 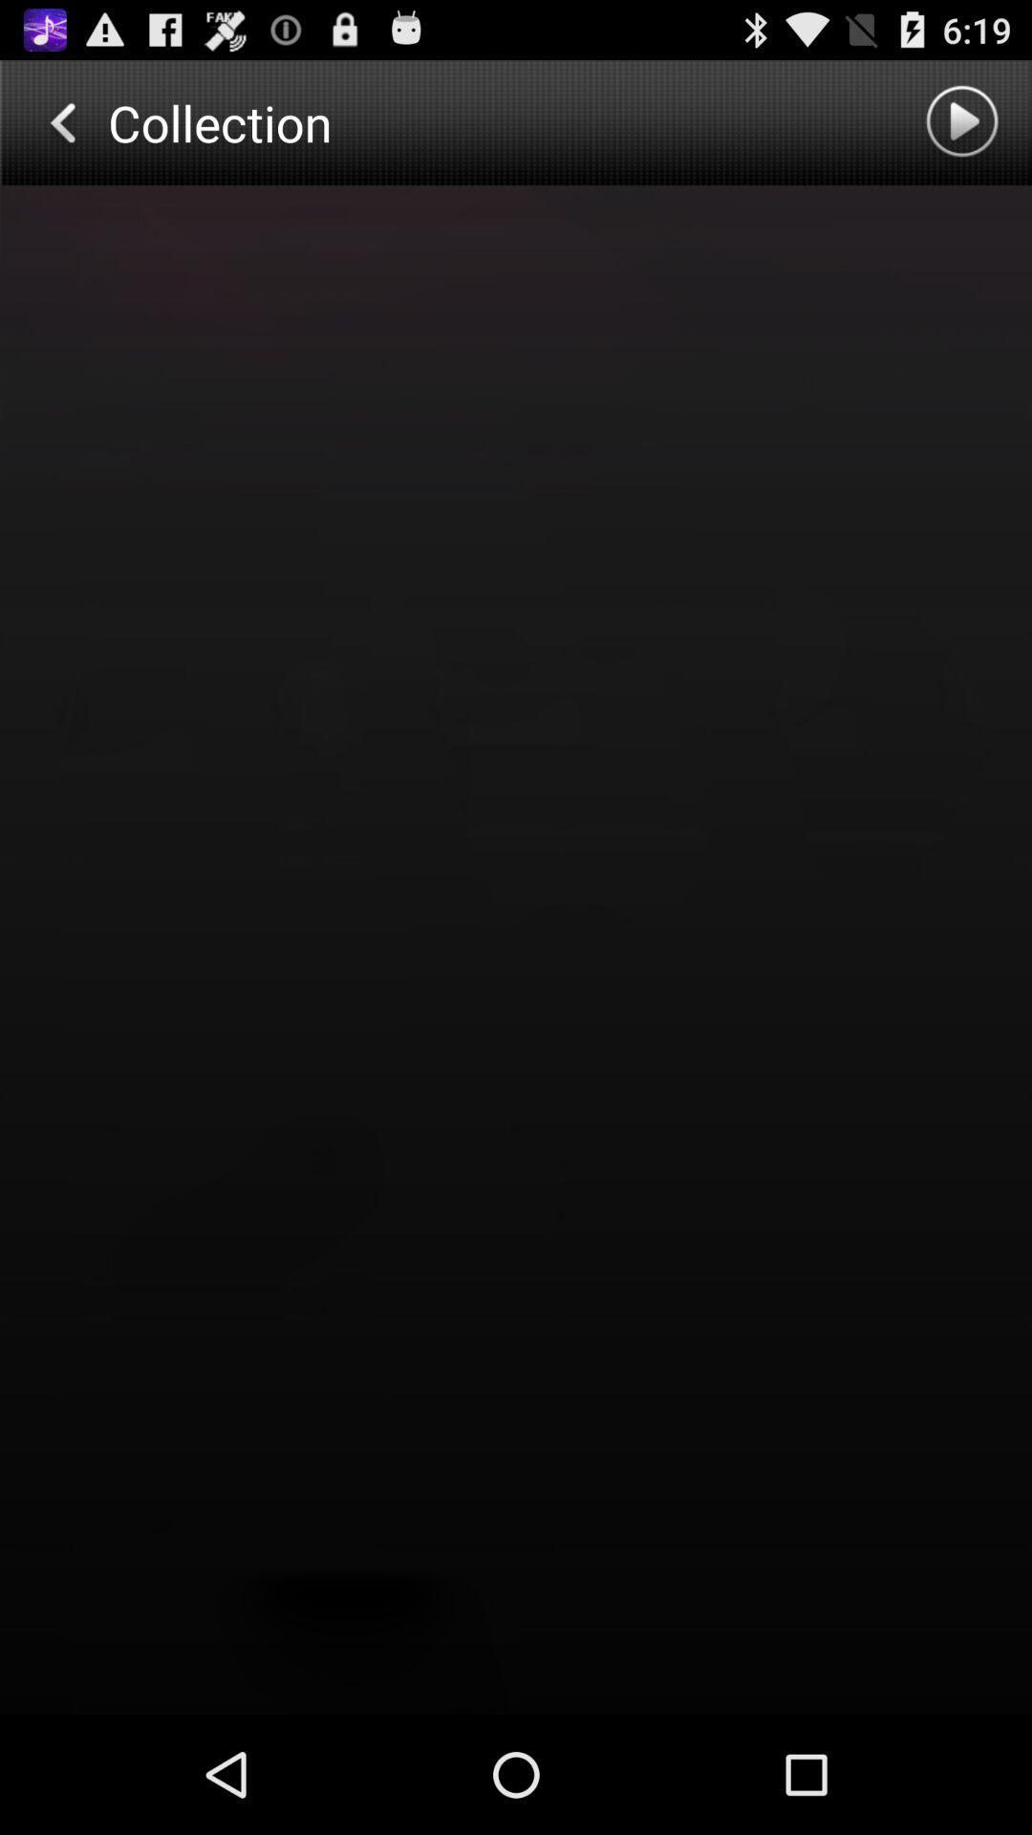 What do you see at coordinates (60, 121) in the screenshot?
I see `go back` at bounding box center [60, 121].